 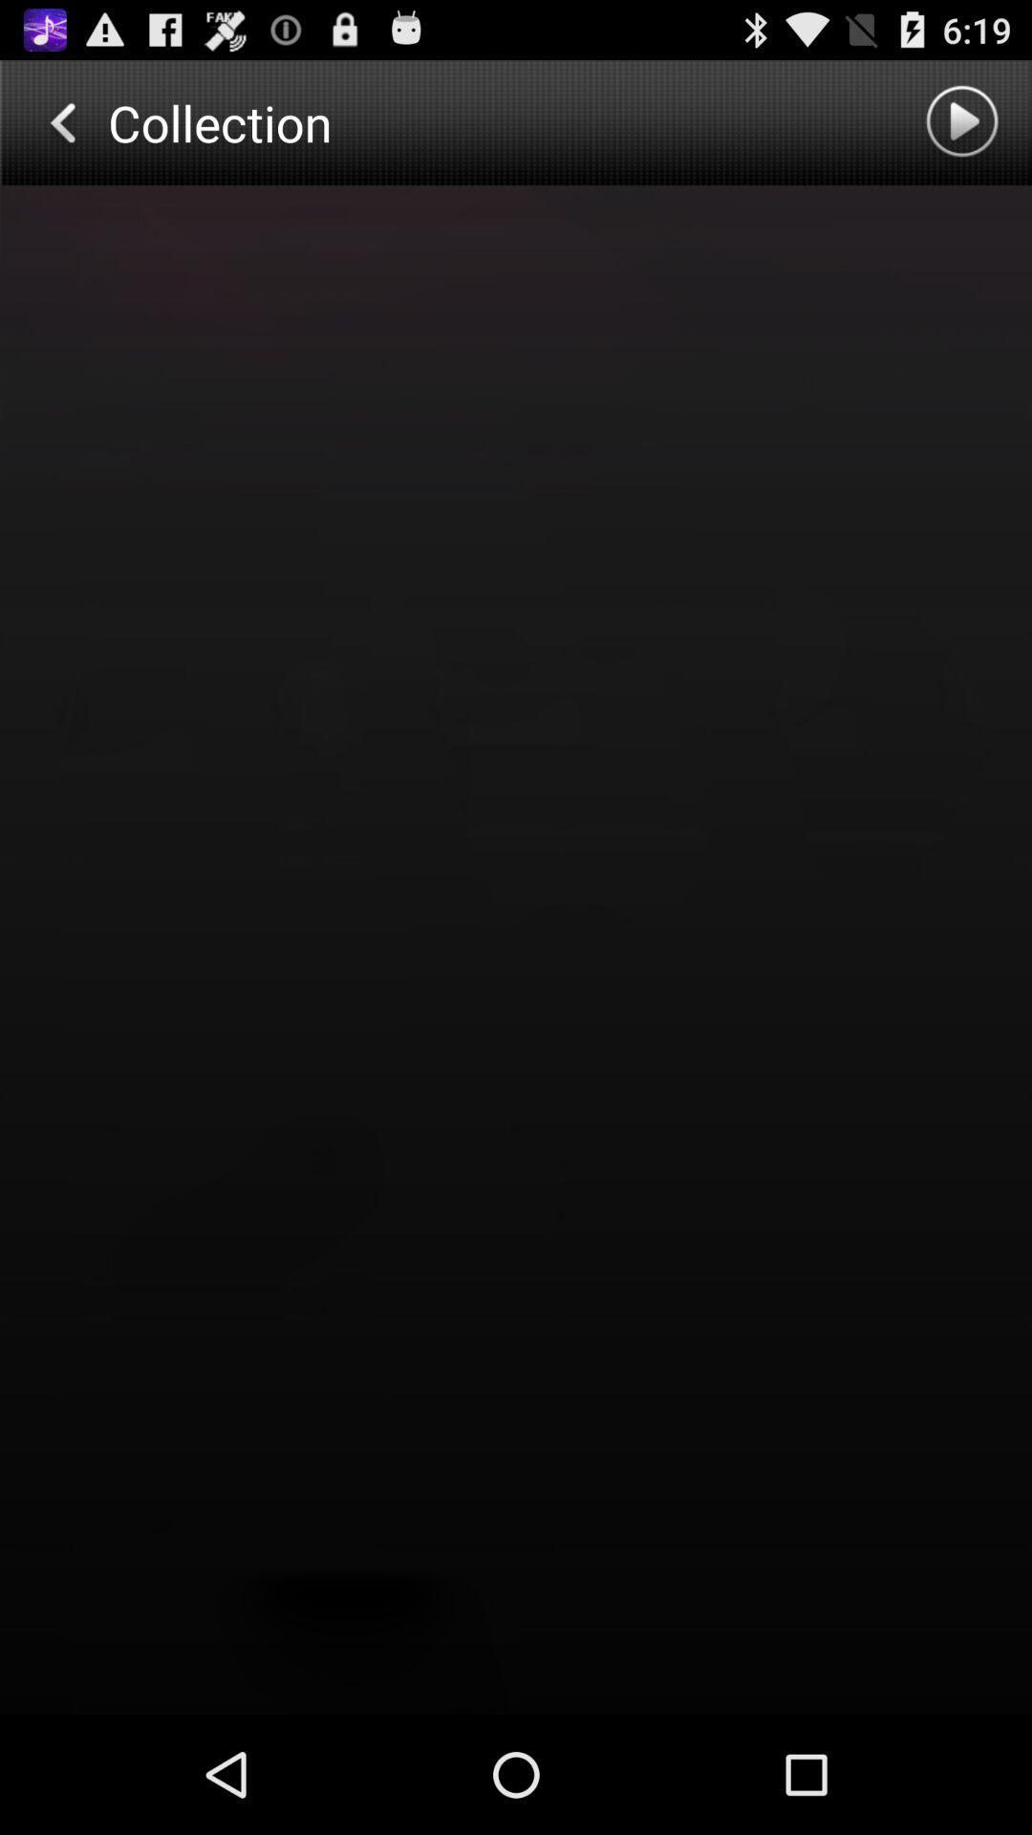 What do you see at coordinates (60, 121) in the screenshot?
I see `go back` at bounding box center [60, 121].